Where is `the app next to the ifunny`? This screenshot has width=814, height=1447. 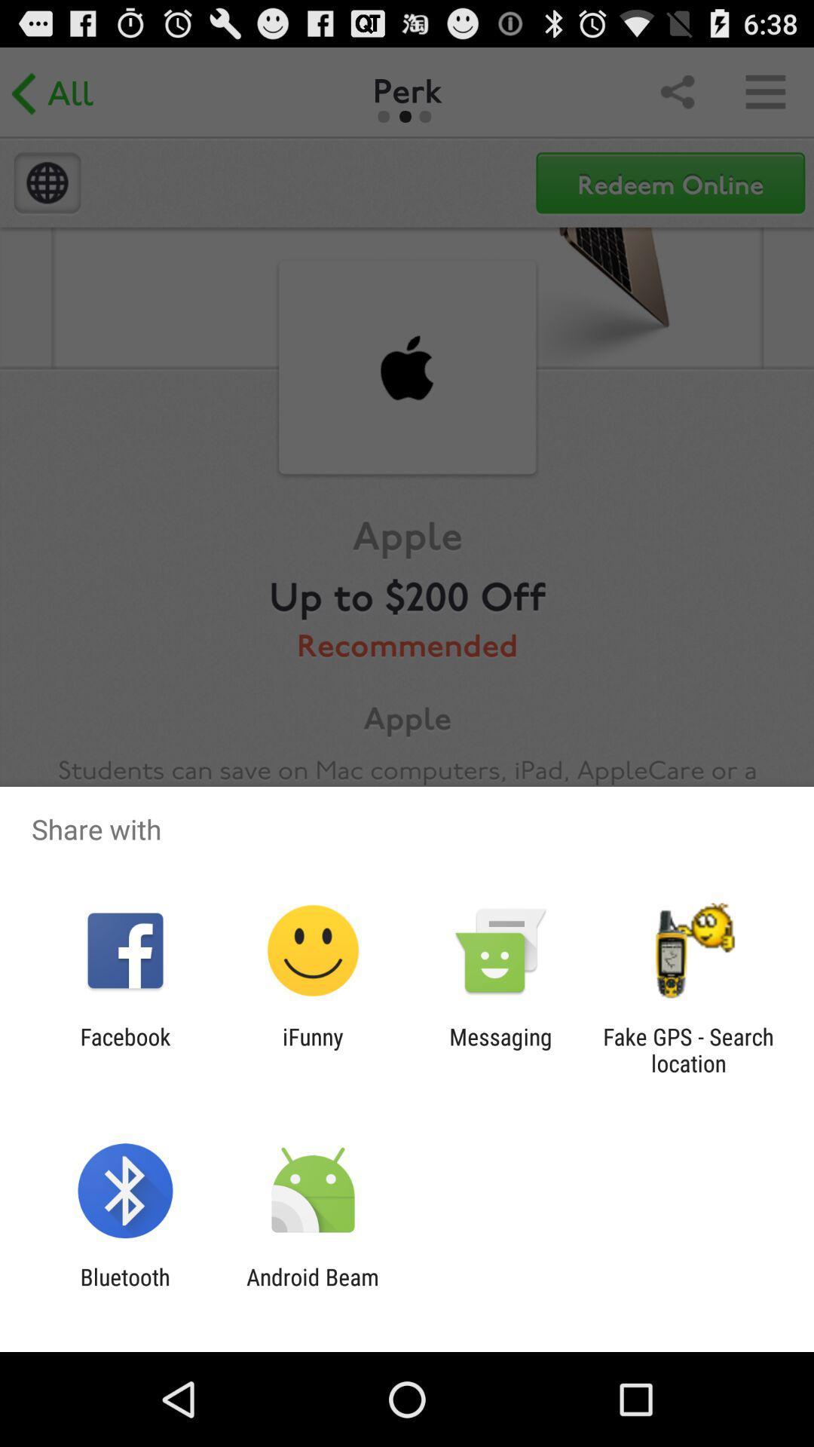
the app next to the ifunny is located at coordinates (500, 1049).